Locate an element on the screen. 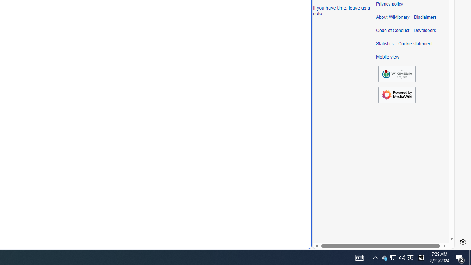 The image size is (471, 265). 'Statistics' is located at coordinates (385, 44).